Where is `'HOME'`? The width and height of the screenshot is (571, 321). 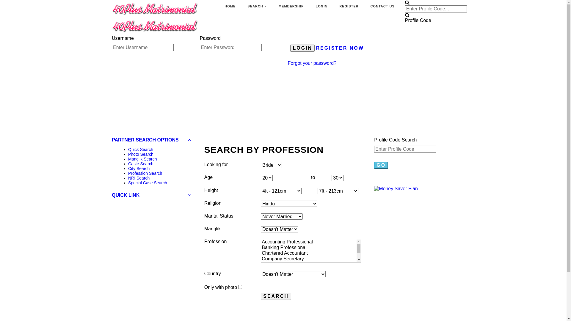 'HOME' is located at coordinates (230, 7).